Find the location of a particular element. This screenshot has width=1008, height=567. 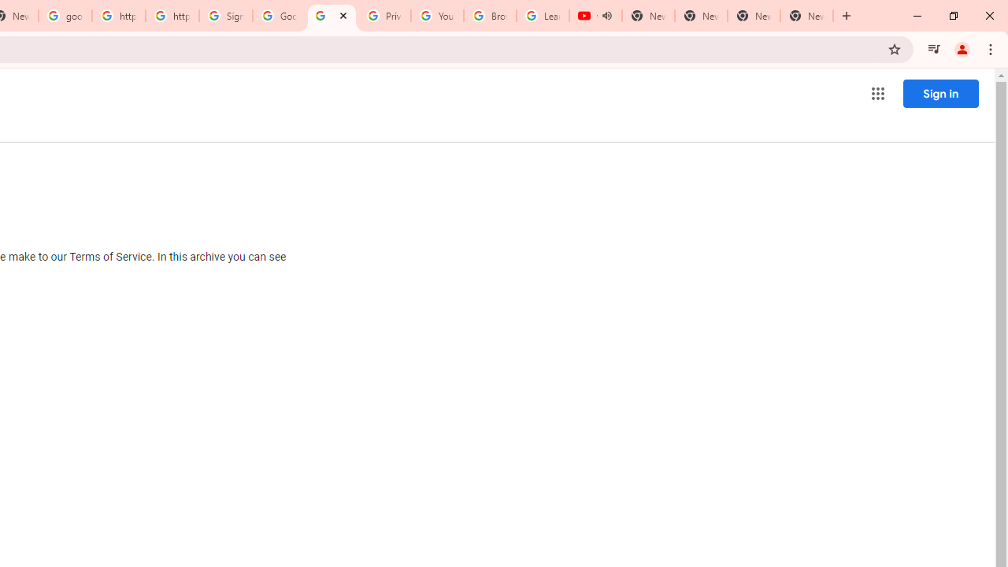

'Mute tab' is located at coordinates (606, 16).